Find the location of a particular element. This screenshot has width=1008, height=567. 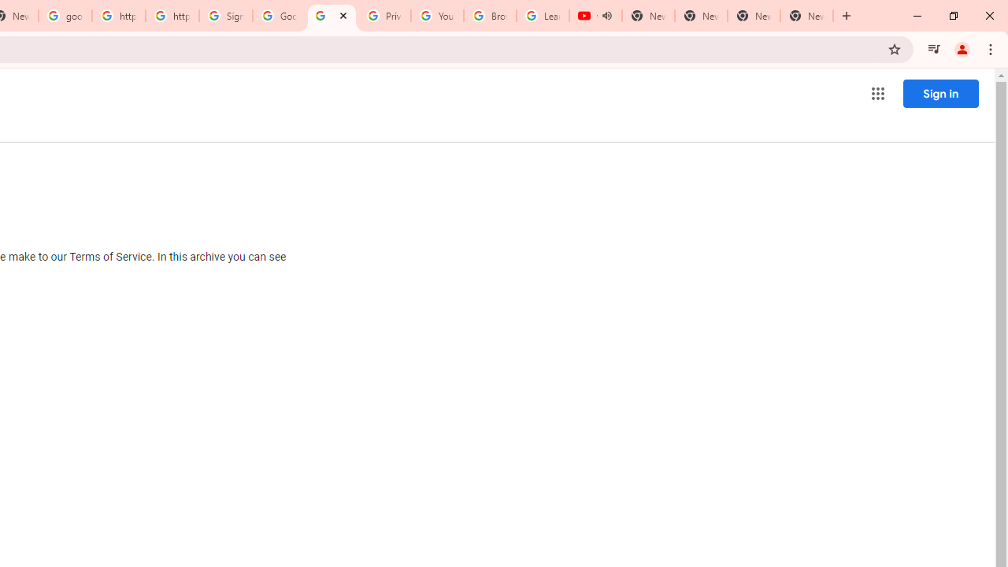

'Mute tab' is located at coordinates (606, 16).